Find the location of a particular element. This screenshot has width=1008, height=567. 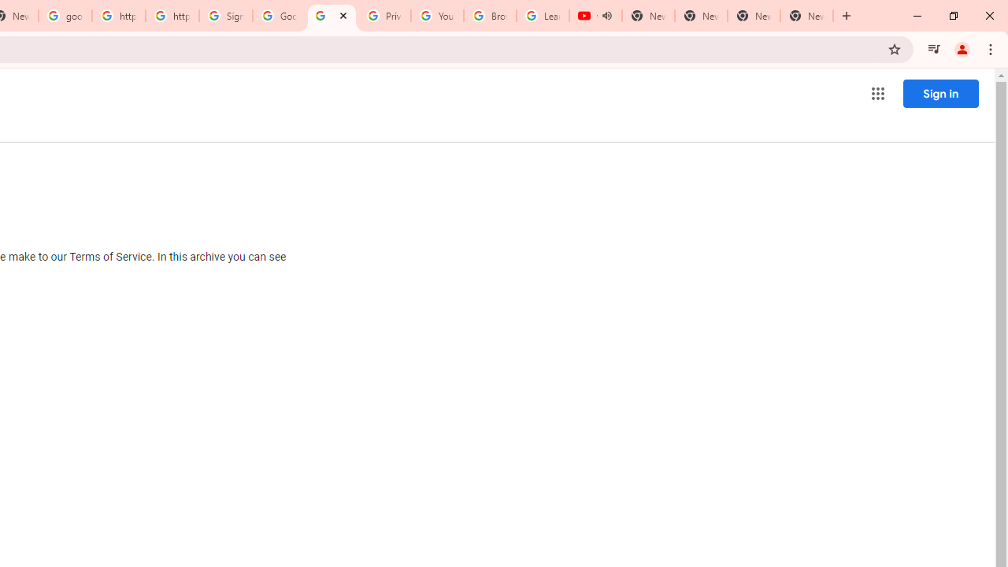

'Mute tab' is located at coordinates (606, 16).